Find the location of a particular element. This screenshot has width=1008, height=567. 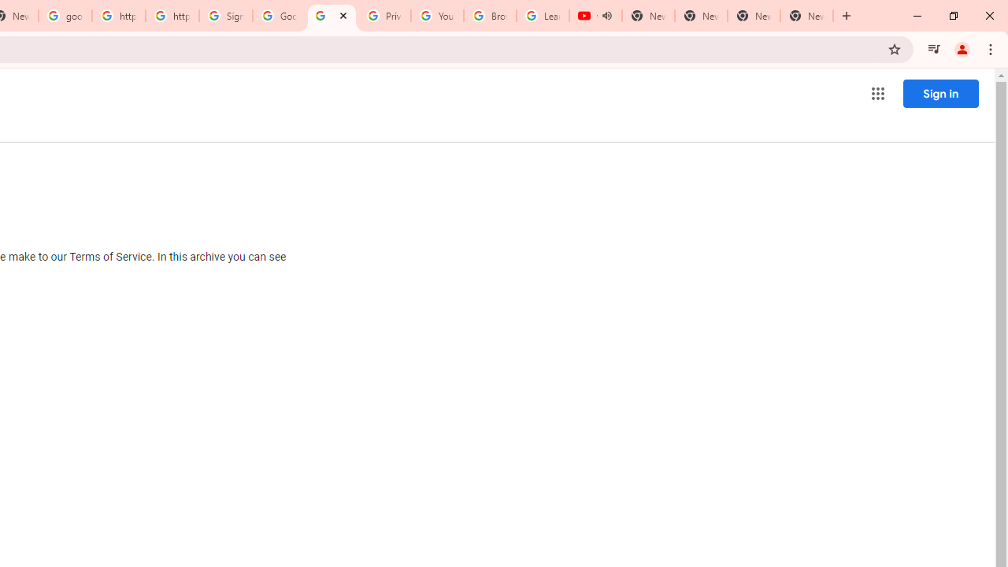

'Mute tab' is located at coordinates (606, 16).